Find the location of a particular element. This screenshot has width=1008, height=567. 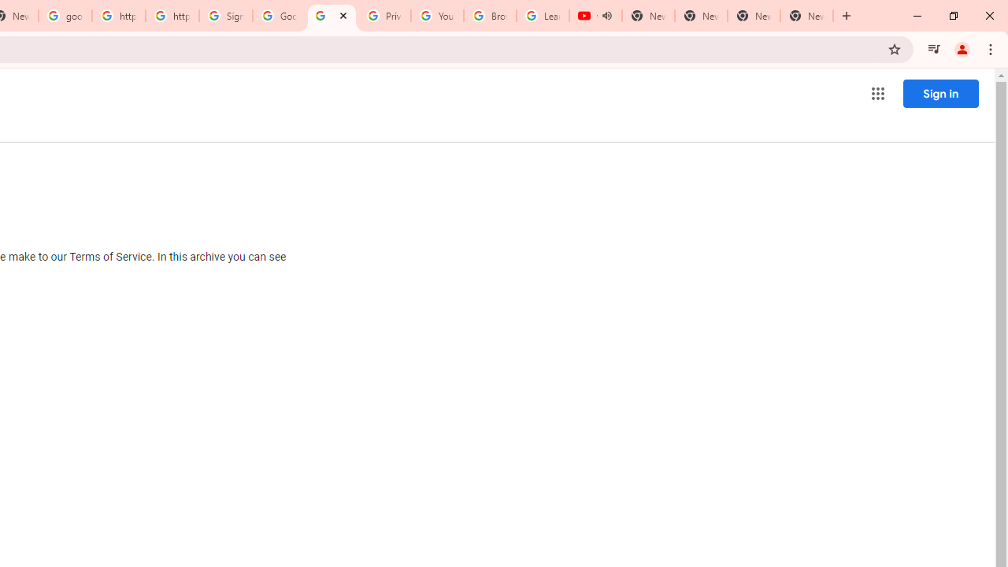

'Mute tab' is located at coordinates (606, 16).